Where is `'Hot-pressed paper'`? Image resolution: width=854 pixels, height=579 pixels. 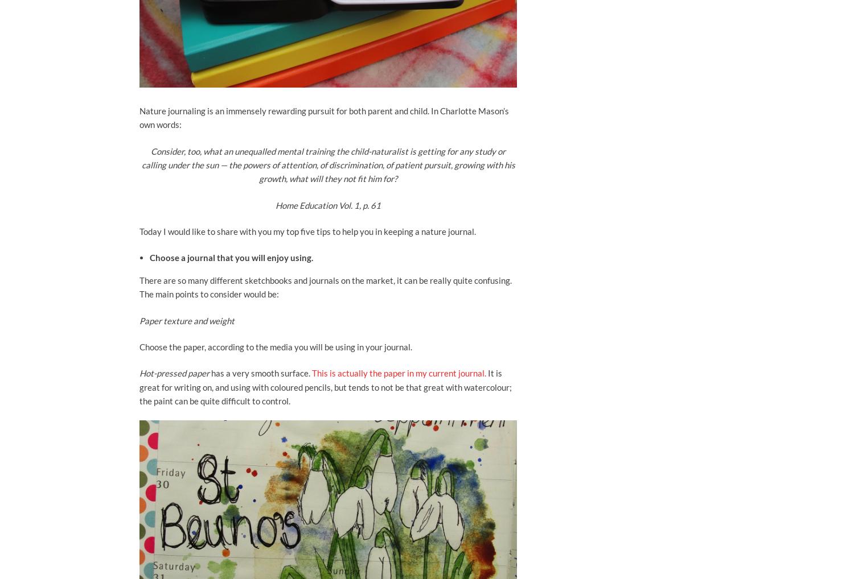 'Hot-pressed paper' is located at coordinates (175, 372).